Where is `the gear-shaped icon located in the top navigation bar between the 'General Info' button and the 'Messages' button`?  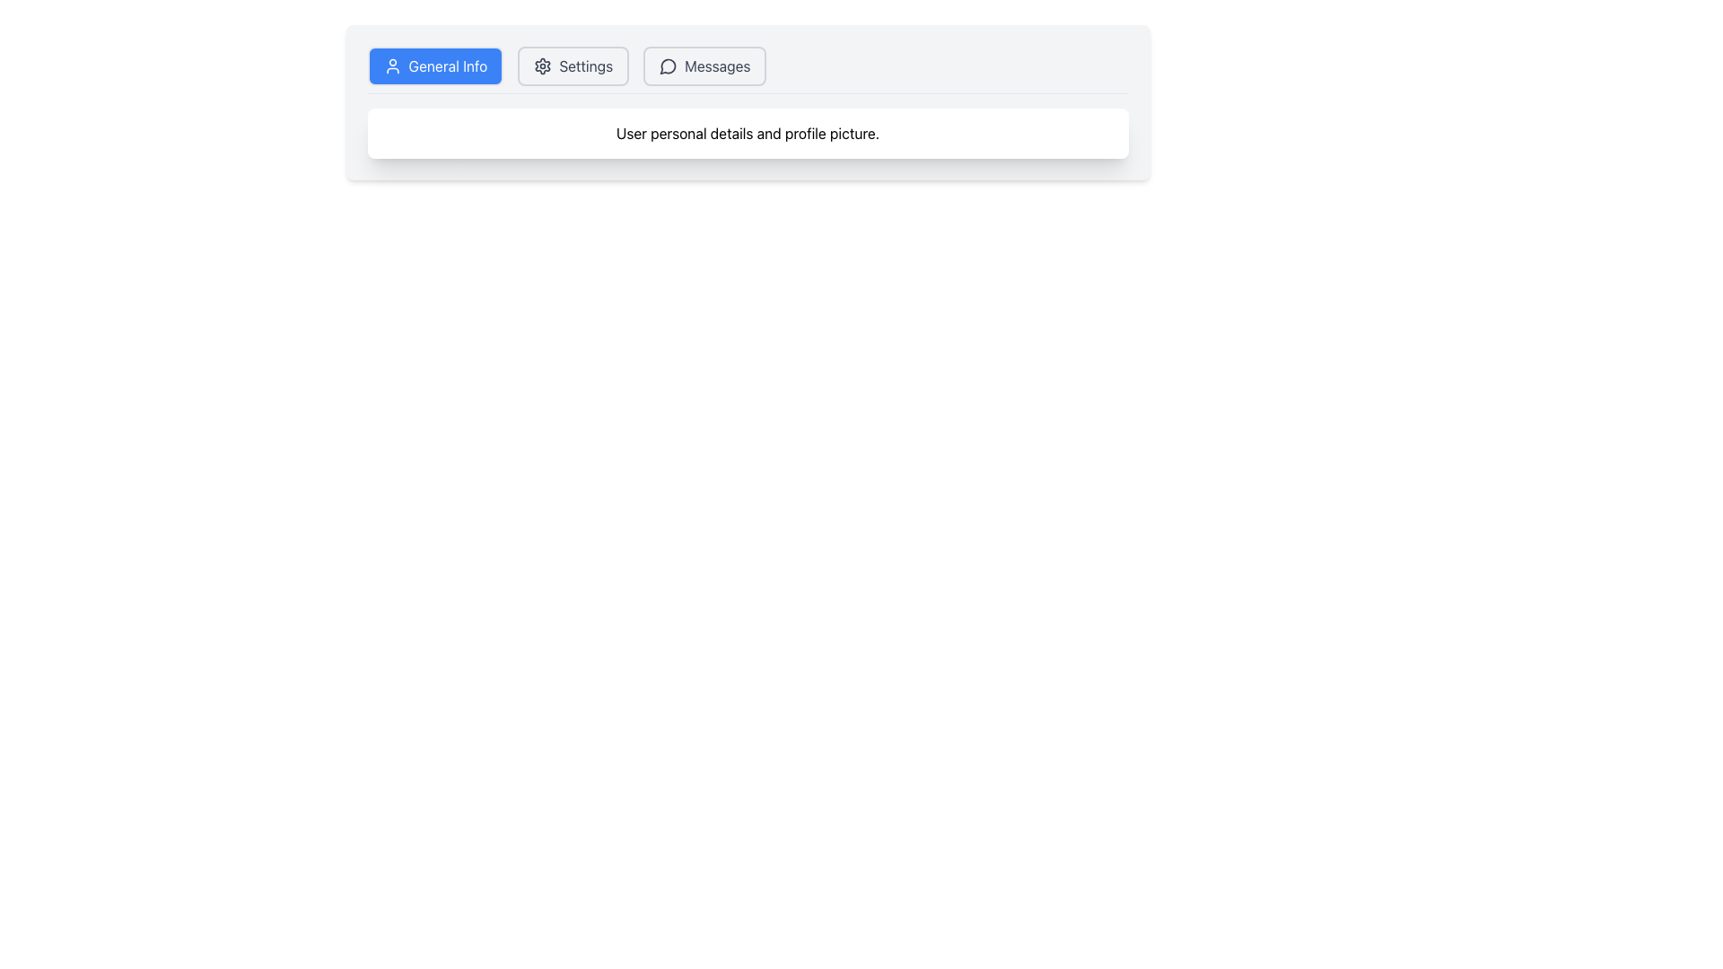 the gear-shaped icon located in the top navigation bar between the 'General Info' button and the 'Messages' button is located at coordinates (542, 65).